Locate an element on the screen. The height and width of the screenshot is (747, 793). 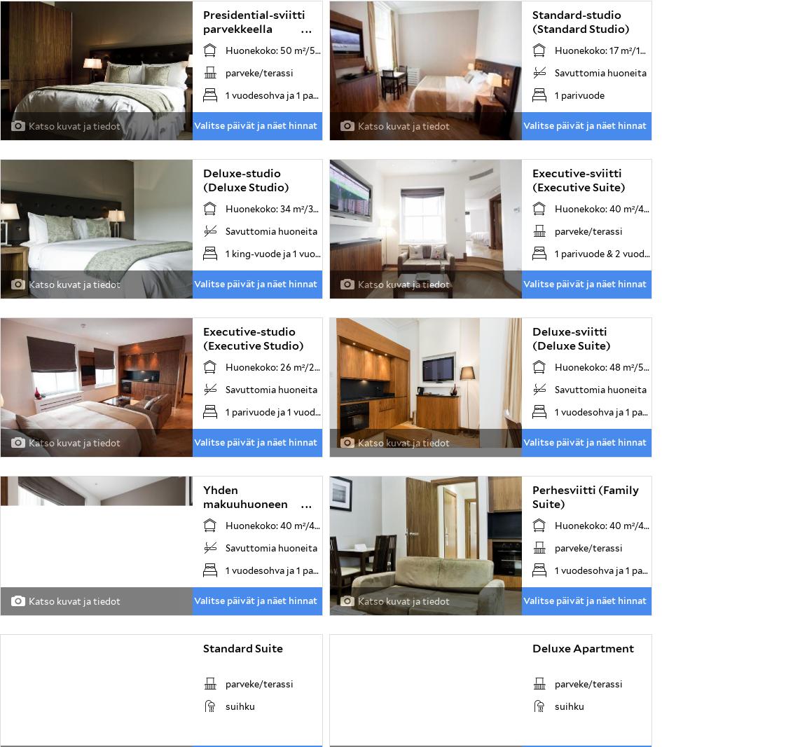
'Executive-studio (Executive Studio)' is located at coordinates (254, 338).